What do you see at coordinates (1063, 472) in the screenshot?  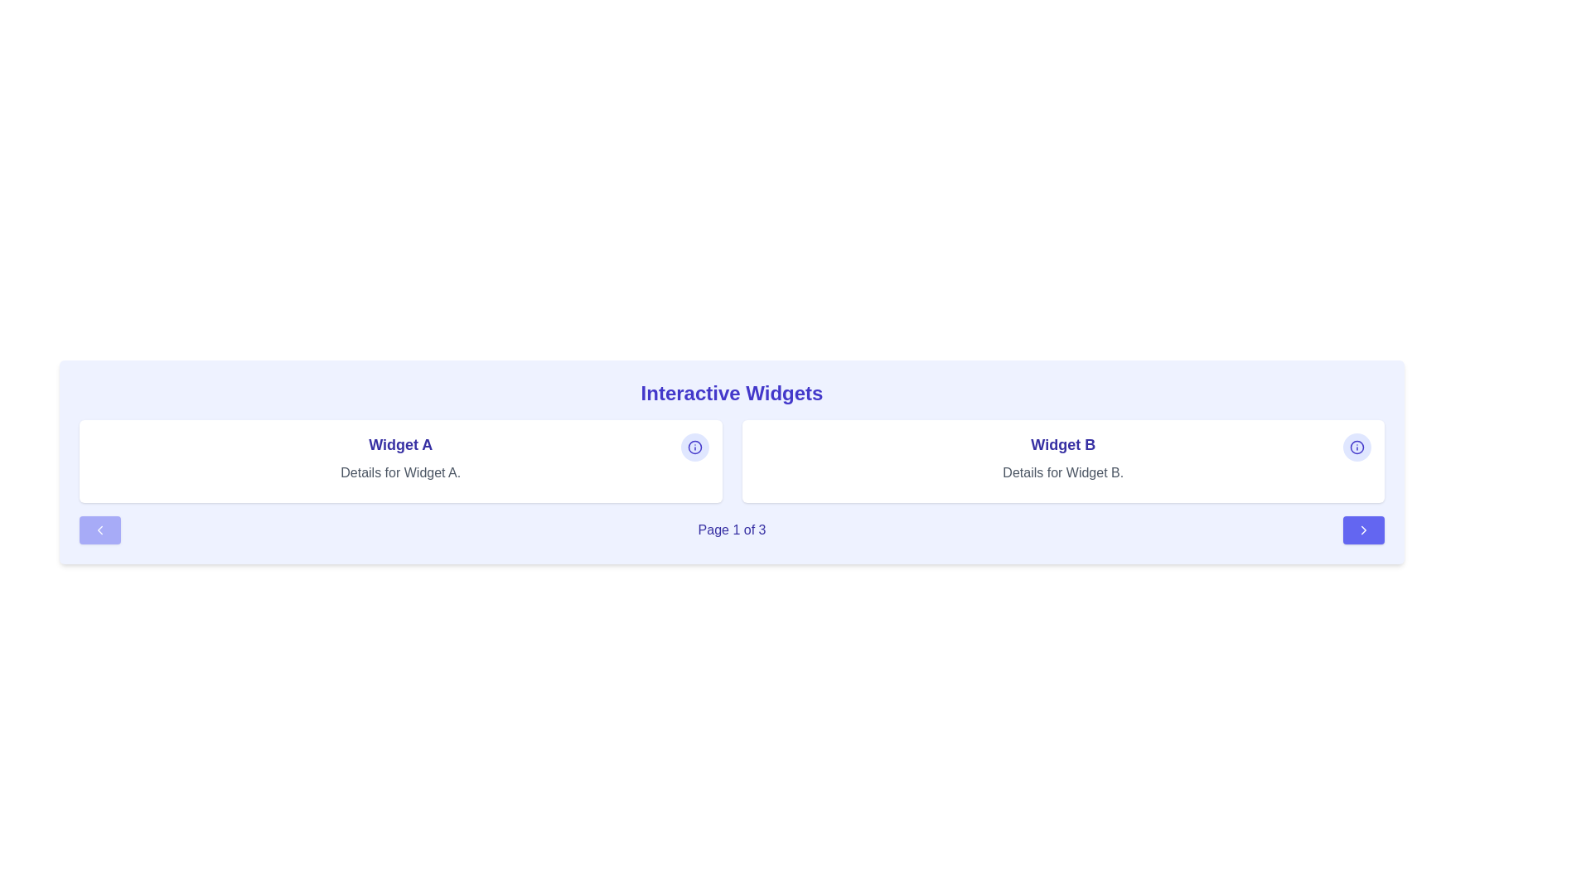 I see `the text element providing additional descriptive information about Widget B, positioned below the heading 'Widget B' and within the card box` at bounding box center [1063, 472].